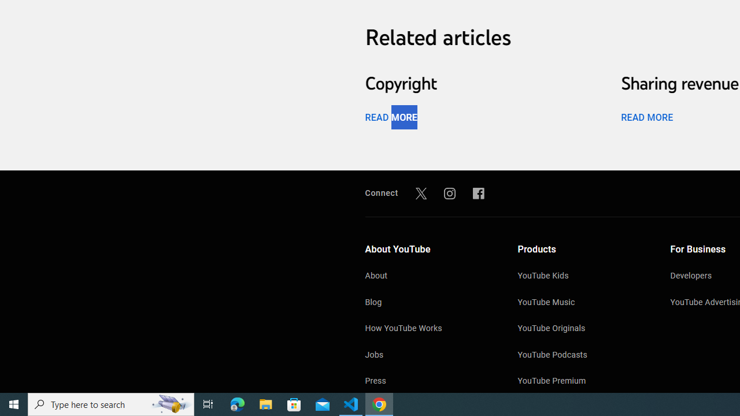  Describe the element at coordinates (429, 329) in the screenshot. I see `'How YouTube Works'` at that location.